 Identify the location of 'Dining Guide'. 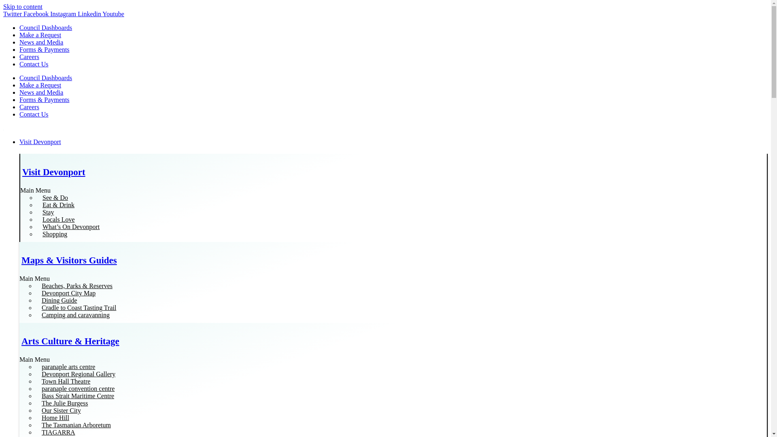
(59, 300).